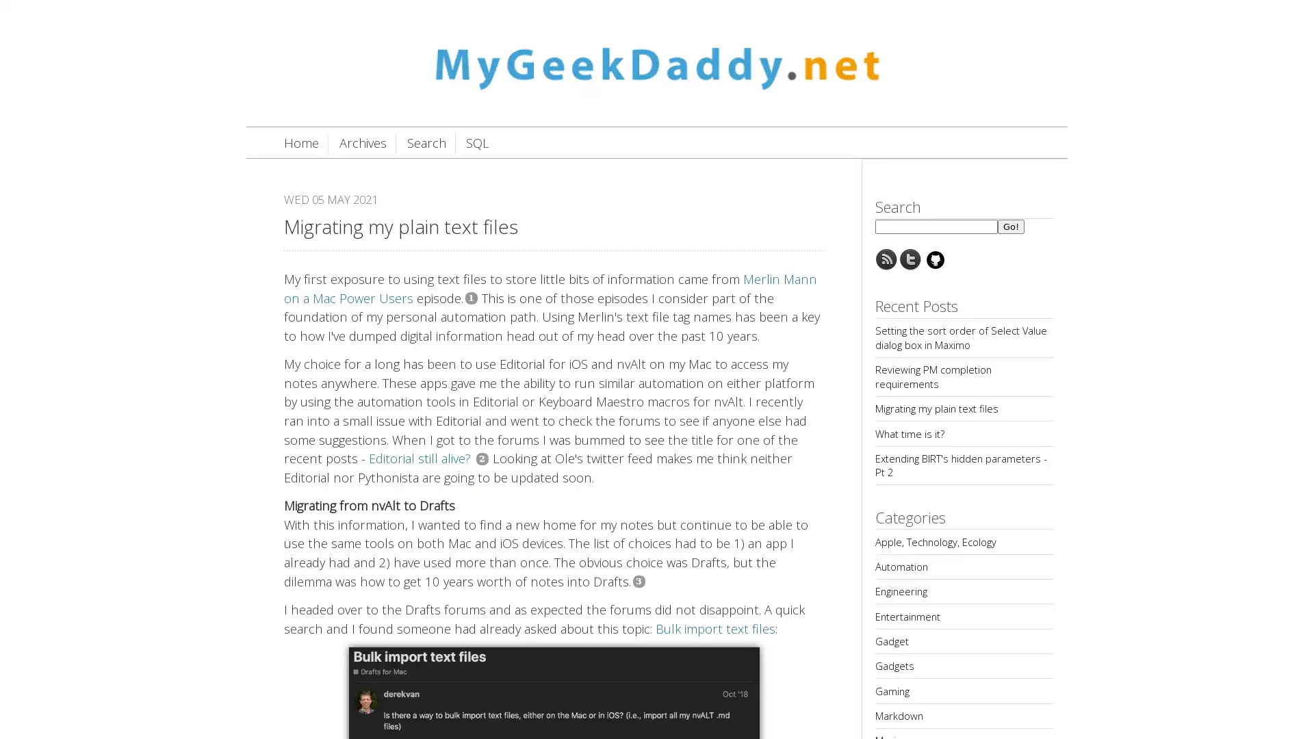  What do you see at coordinates (638, 581) in the screenshot?
I see `3` at bounding box center [638, 581].